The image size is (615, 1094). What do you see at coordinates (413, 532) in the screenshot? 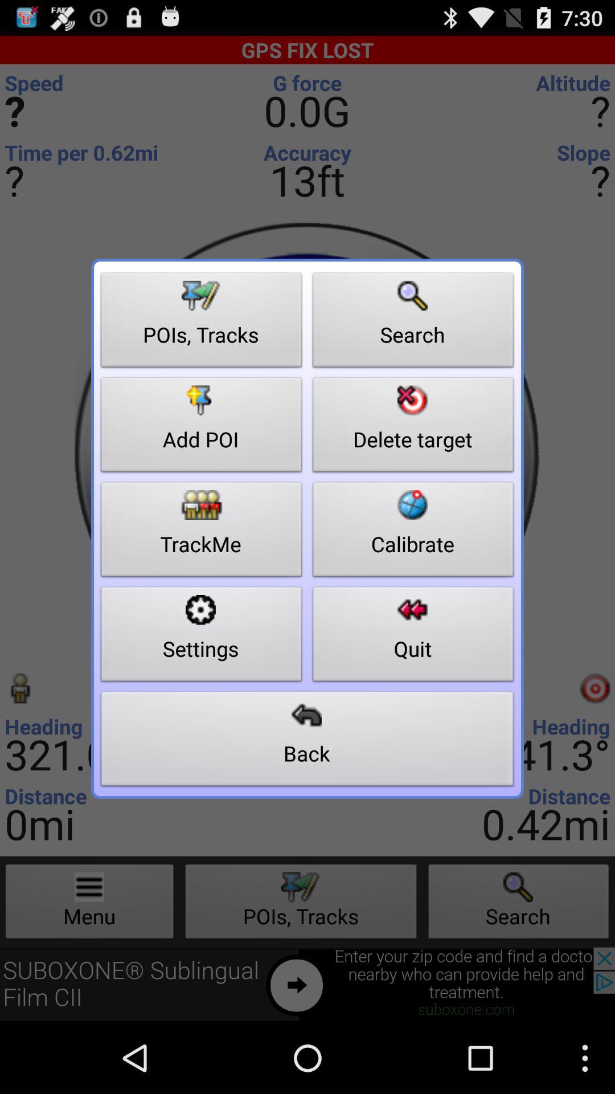
I see `icon to the right of add poi button` at bounding box center [413, 532].